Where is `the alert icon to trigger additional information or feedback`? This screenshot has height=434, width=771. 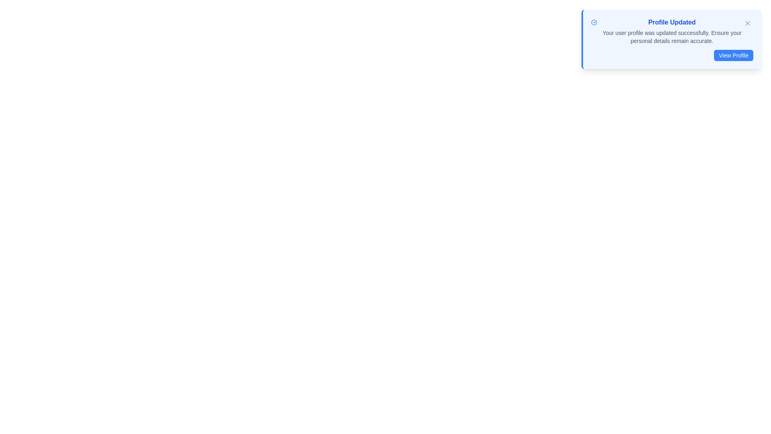 the alert icon to trigger additional information or feedback is located at coordinates (594, 22).